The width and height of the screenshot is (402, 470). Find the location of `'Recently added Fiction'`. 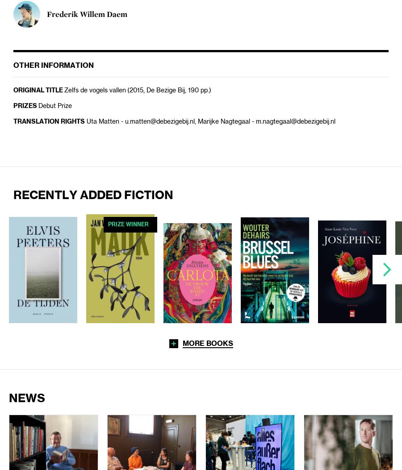

'Recently added Fiction' is located at coordinates (93, 195).